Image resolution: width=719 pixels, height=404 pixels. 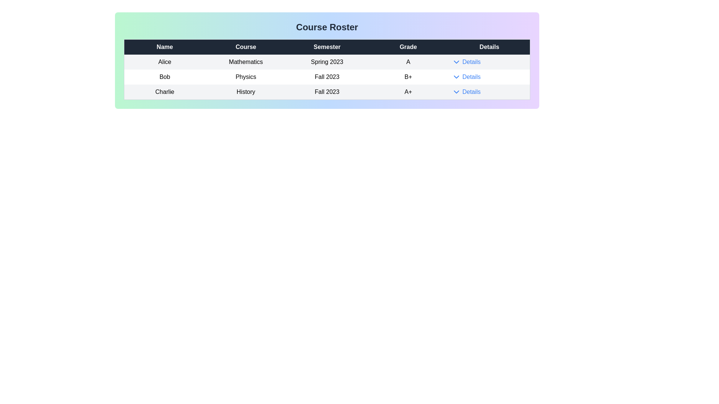 What do you see at coordinates (408, 77) in the screenshot?
I see `the static text element displaying 'B+' located in the second row of the table under the 'Grade' column` at bounding box center [408, 77].